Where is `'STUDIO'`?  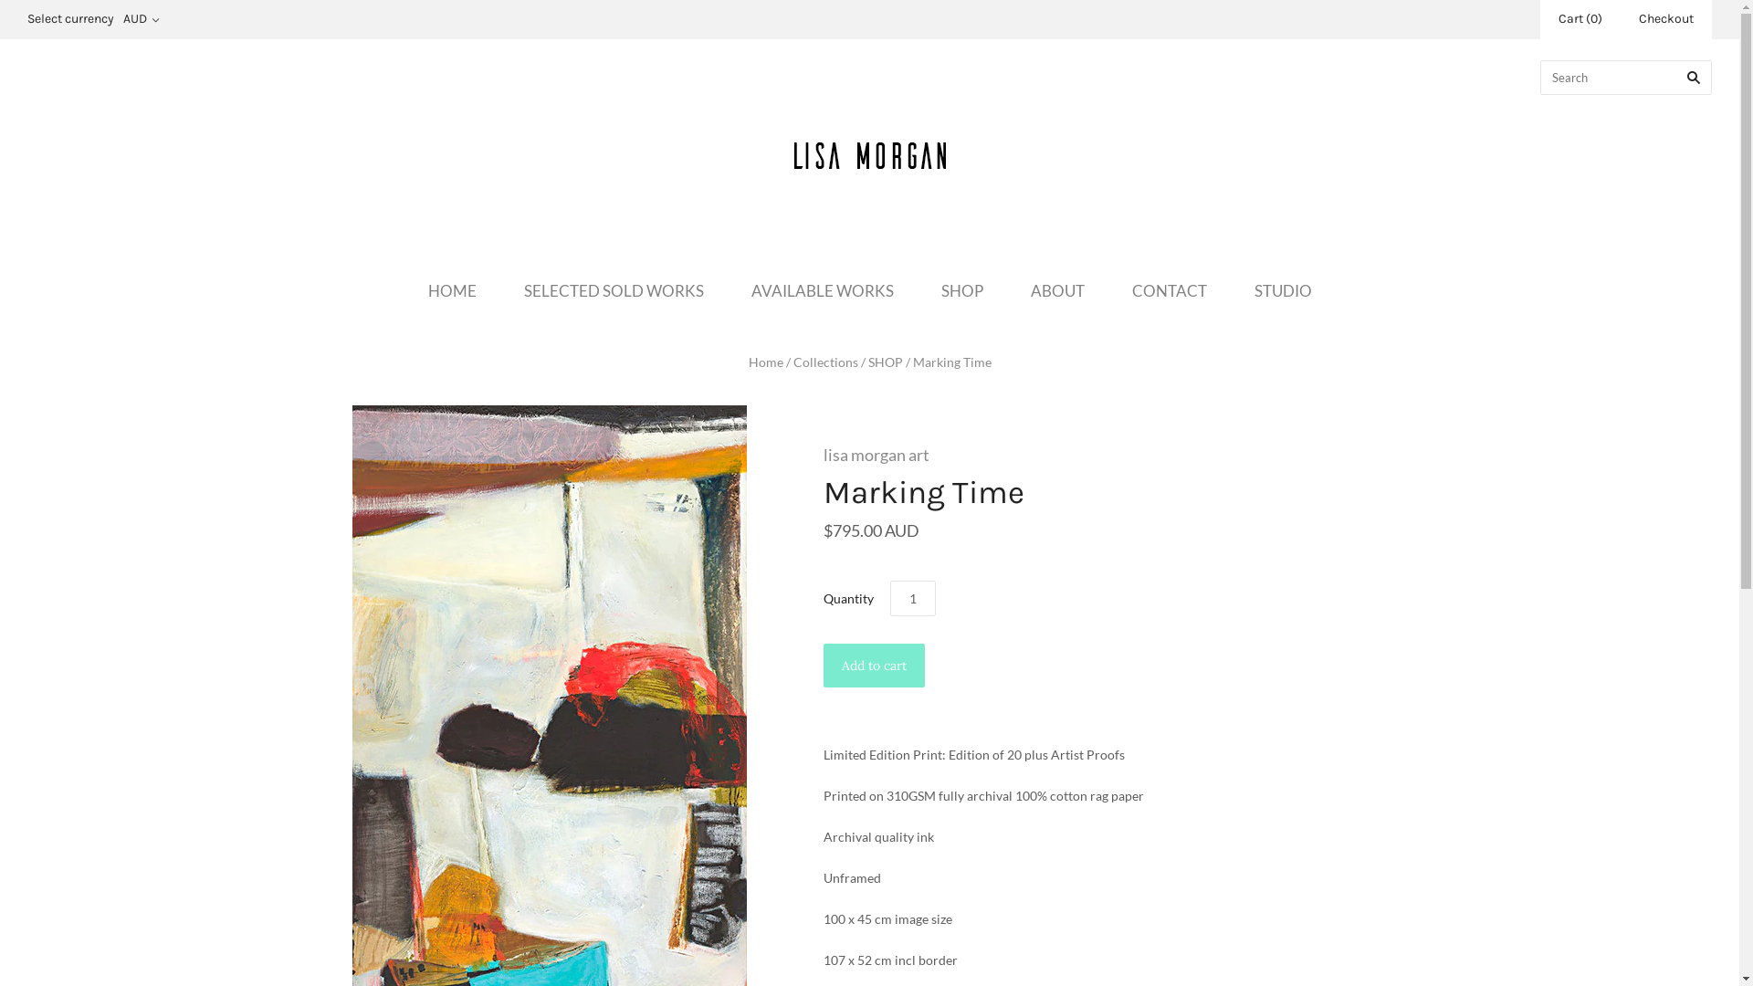 'STUDIO' is located at coordinates (1282, 289).